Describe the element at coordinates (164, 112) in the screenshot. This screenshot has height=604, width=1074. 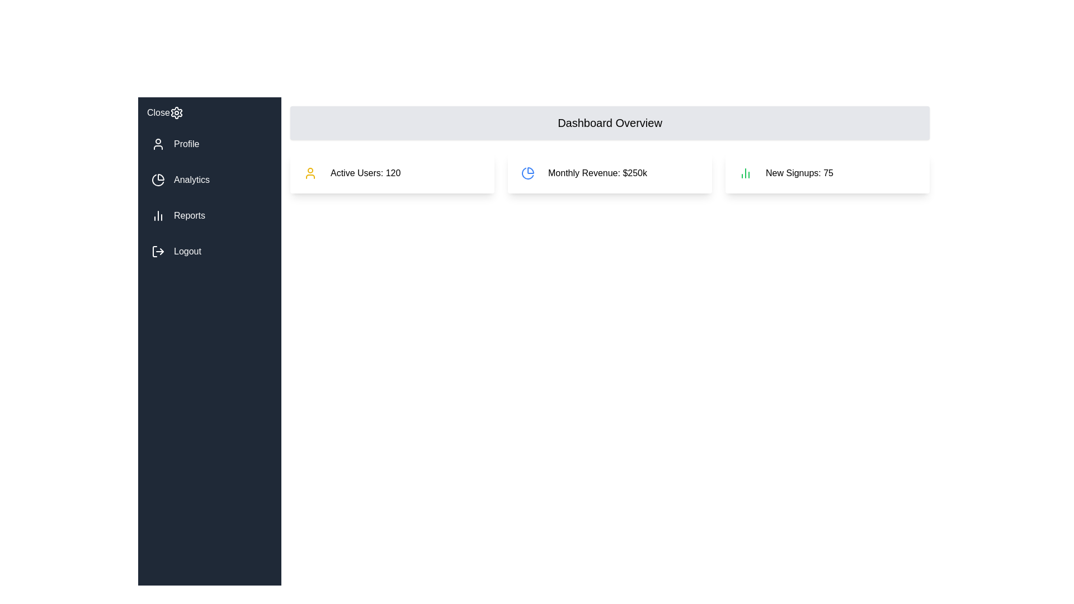
I see `the gear icon next to the 'Close' button-like label in the sidebar menu` at that location.